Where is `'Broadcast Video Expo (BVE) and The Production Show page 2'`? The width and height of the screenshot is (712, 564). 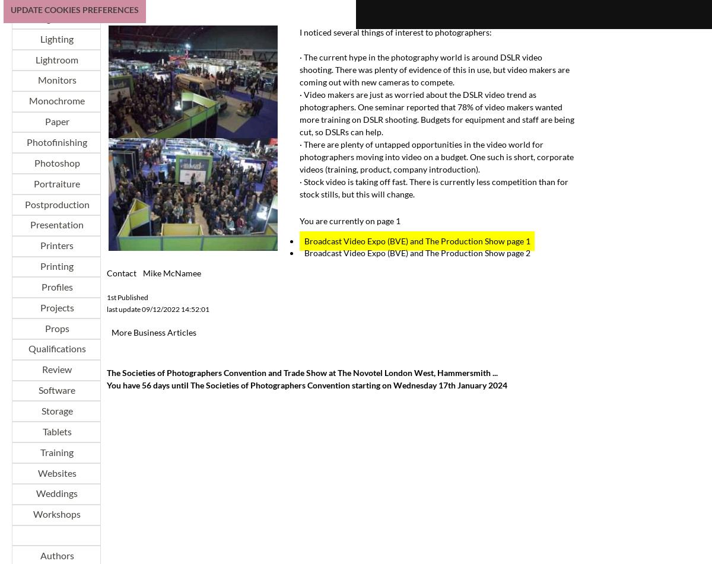
'Broadcast Video Expo (BVE) and The Production Show page 2' is located at coordinates (417, 253).